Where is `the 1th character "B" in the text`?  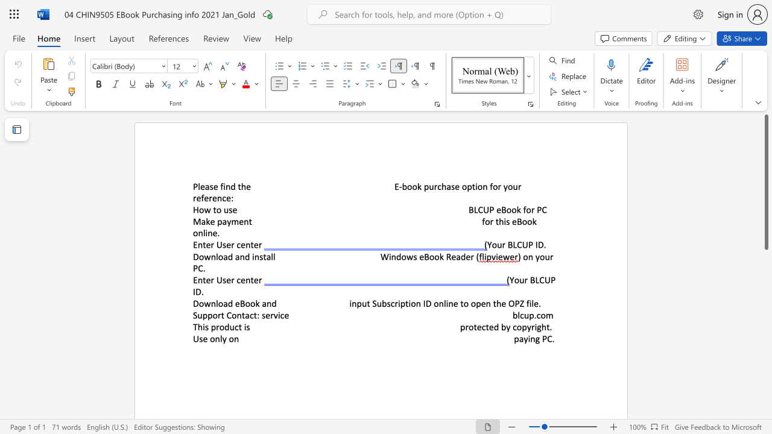
the 1th character "B" in the text is located at coordinates (242, 303).